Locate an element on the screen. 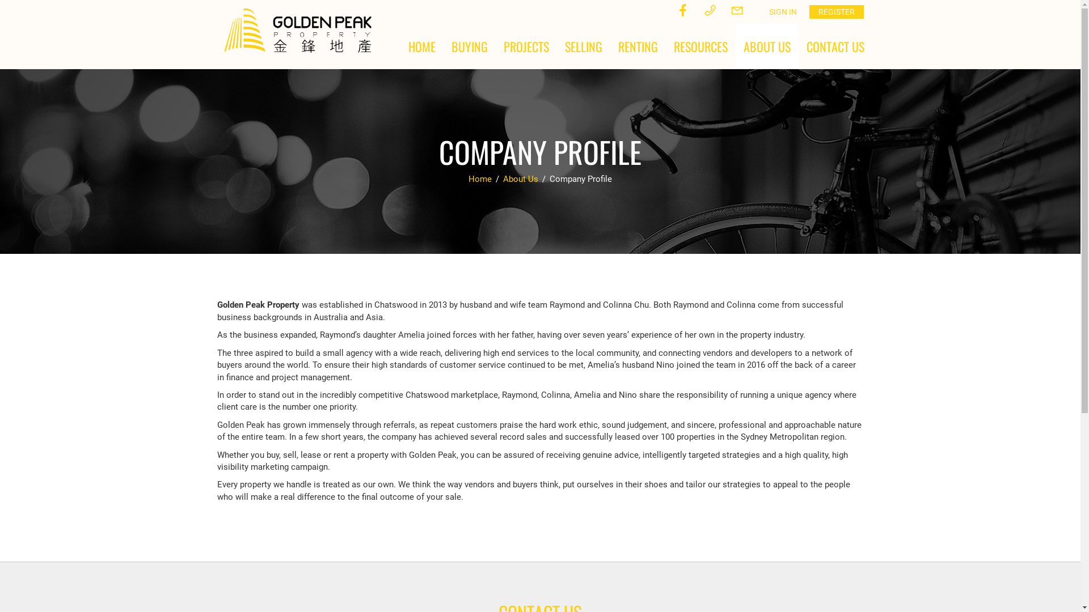 The width and height of the screenshot is (1089, 612). 'SIGN IN' is located at coordinates (782, 11).